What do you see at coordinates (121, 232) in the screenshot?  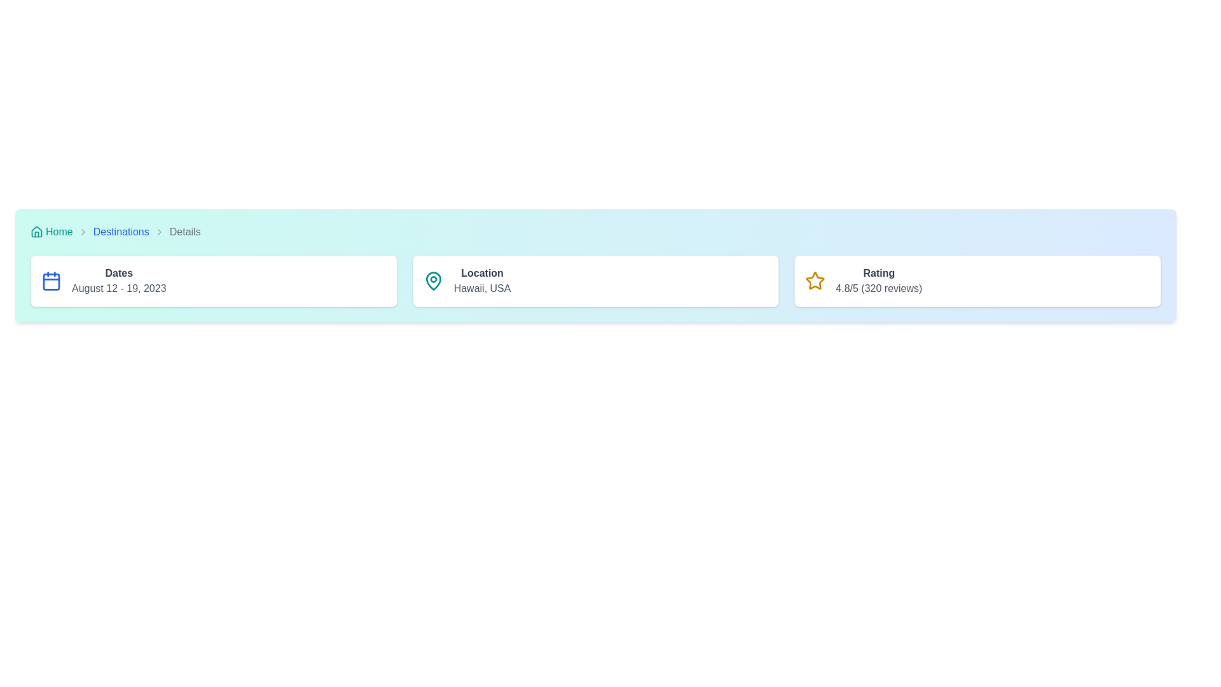 I see `the clickable text link labeled 'Destinations'` at bounding box center [121, 232].